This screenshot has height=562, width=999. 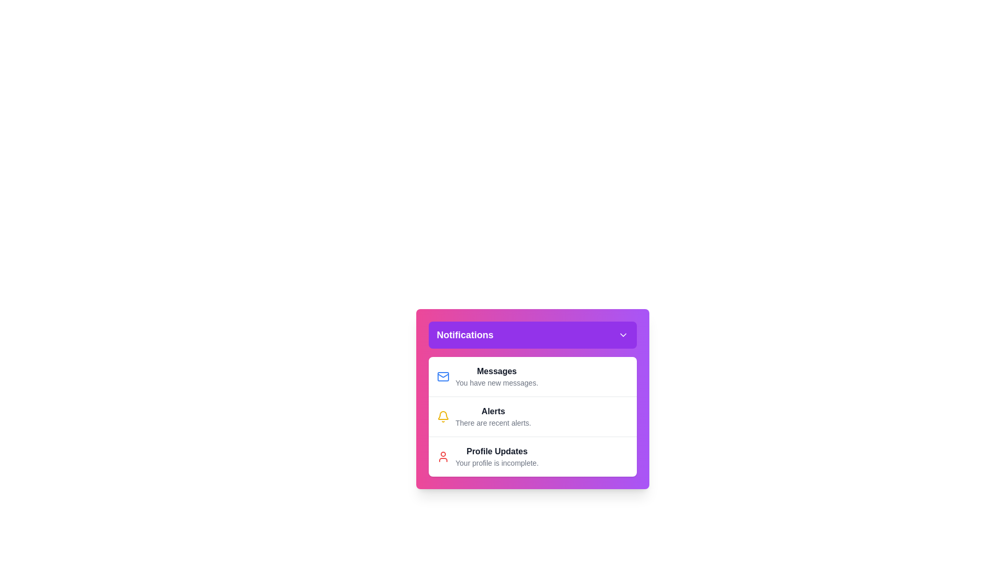 I want to click on the static text label that indicates recent alerts, positioned below the 'Alerts' section in the Notifications widget, between 'Messages' and 'Profile Updates', so click(x=493, y=423).